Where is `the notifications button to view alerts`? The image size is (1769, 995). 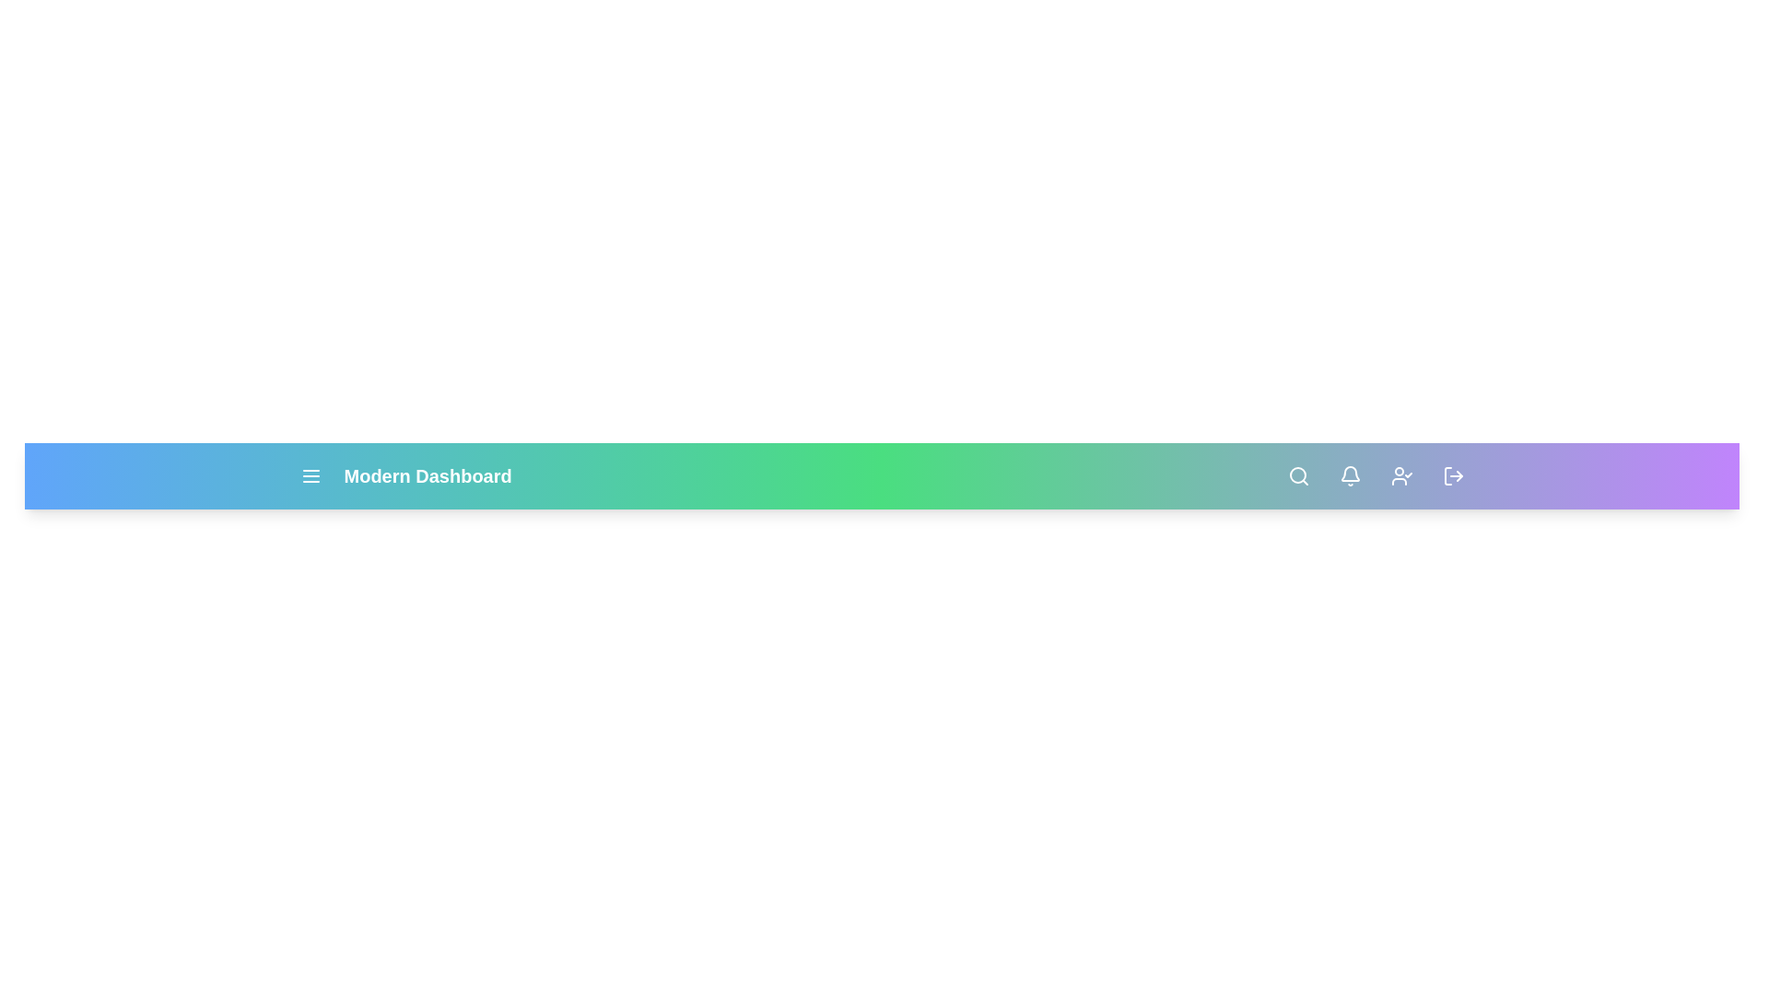
the notifications button to view alerts is located at coordinates (1350, 474).